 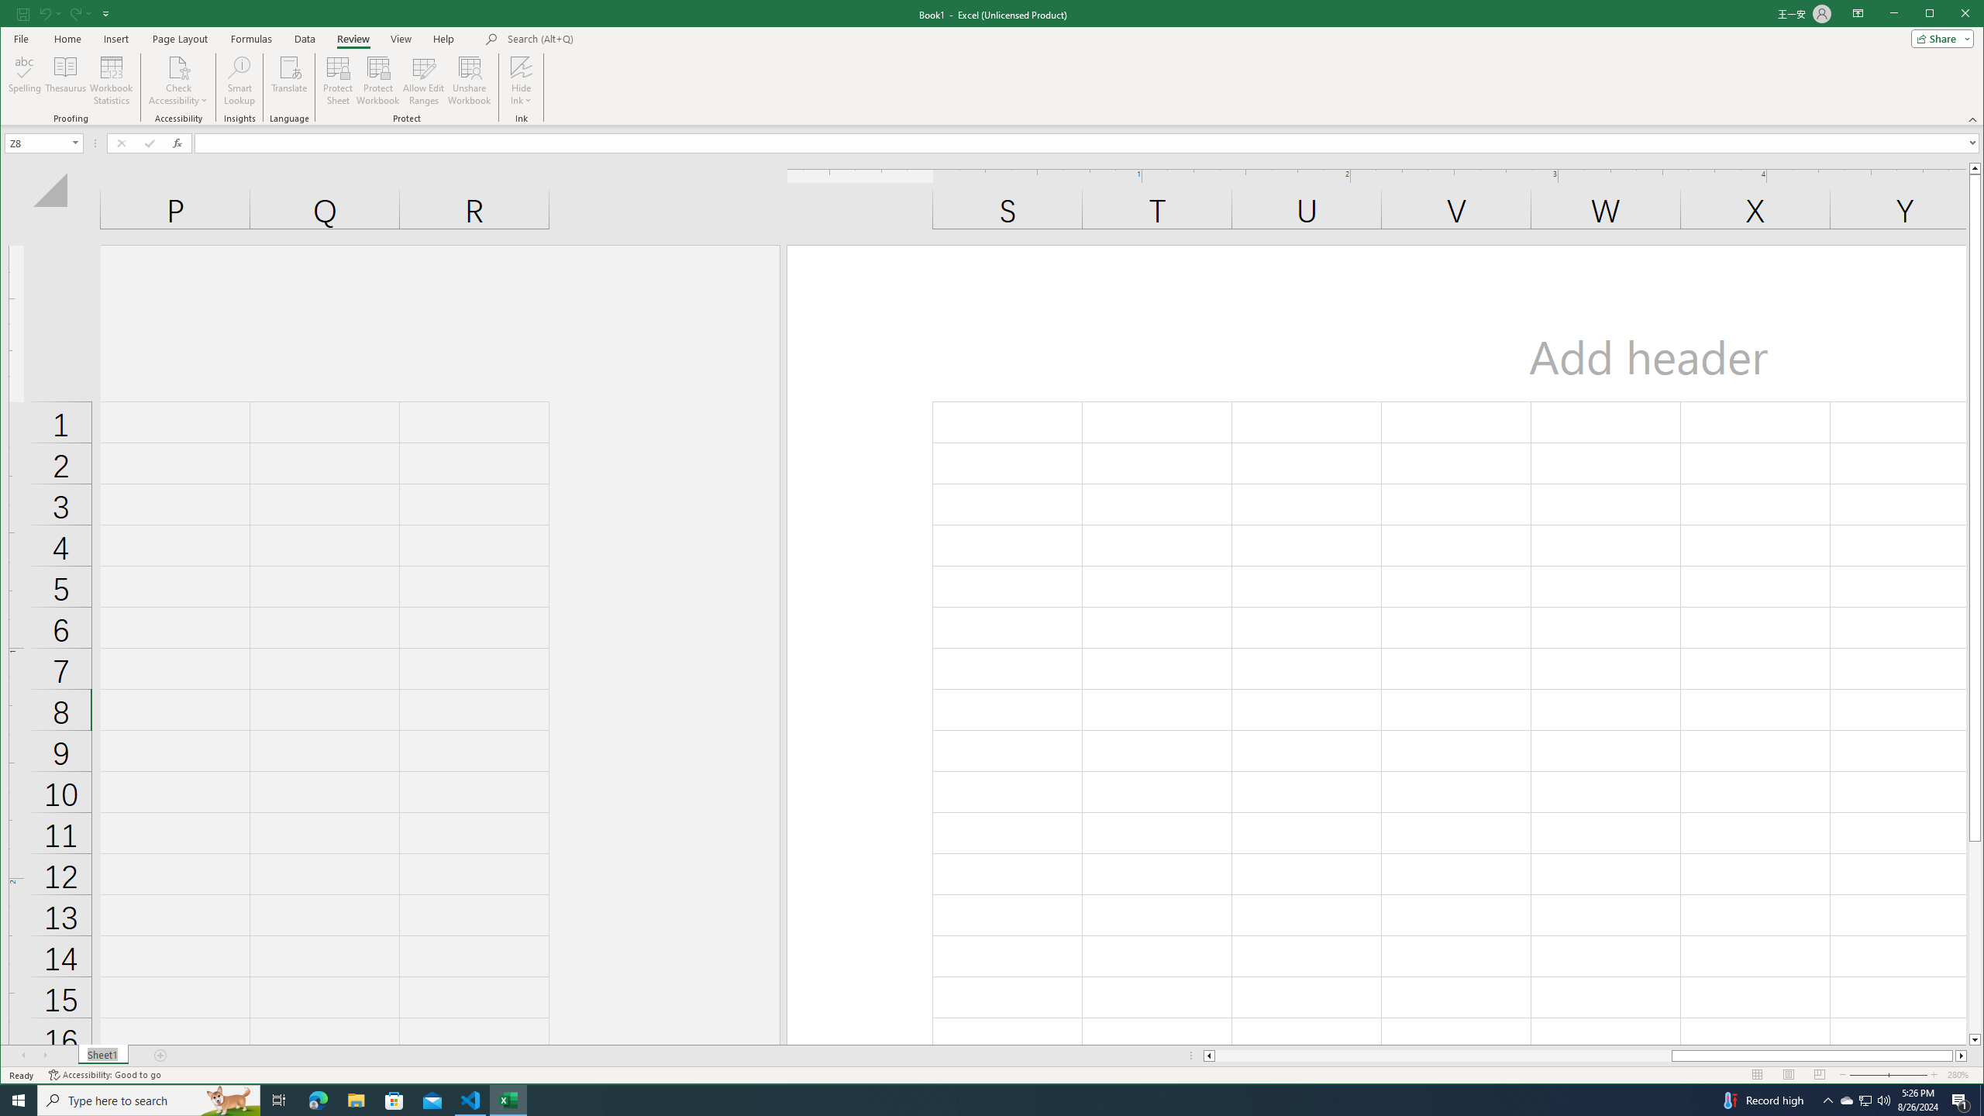 What do you see at coordinates (239, 80) in the screenshot?
I see `'Smart Lookup'` at bounding box center [239, 80].